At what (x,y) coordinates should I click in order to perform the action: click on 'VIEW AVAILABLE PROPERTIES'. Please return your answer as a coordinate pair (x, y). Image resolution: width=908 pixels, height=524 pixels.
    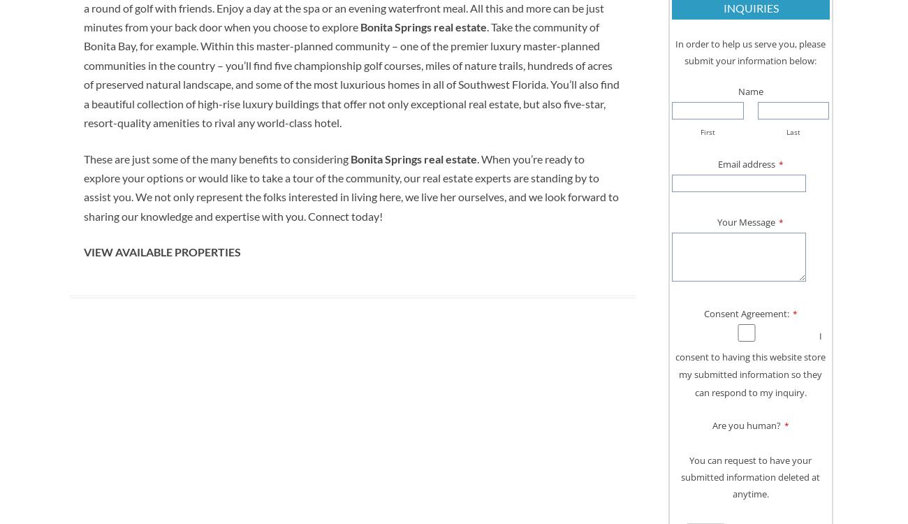
    Looking at the image, I should click on (82, 251).